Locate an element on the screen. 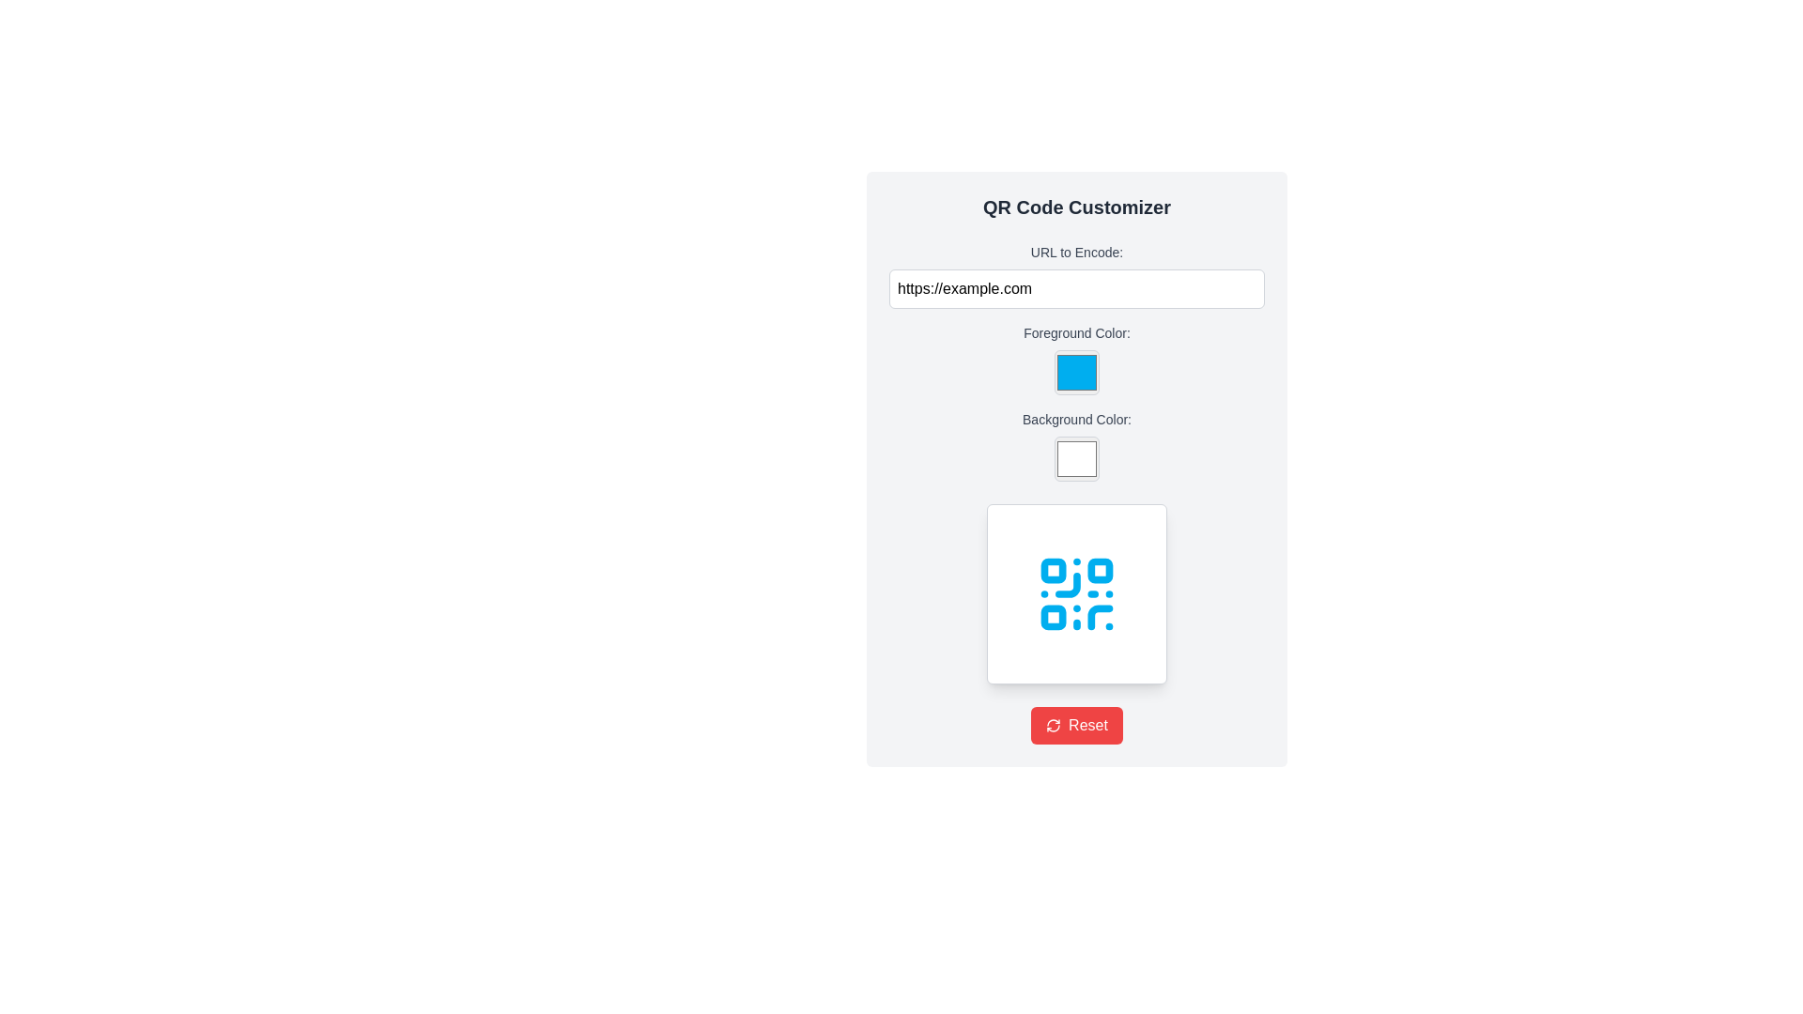 Image resolution: width=1803 pixels, height=1014 pixels. the refresh icon located to the left of the 'Reset' button at the bottom of the interface is located at coordinates (1054, 724).